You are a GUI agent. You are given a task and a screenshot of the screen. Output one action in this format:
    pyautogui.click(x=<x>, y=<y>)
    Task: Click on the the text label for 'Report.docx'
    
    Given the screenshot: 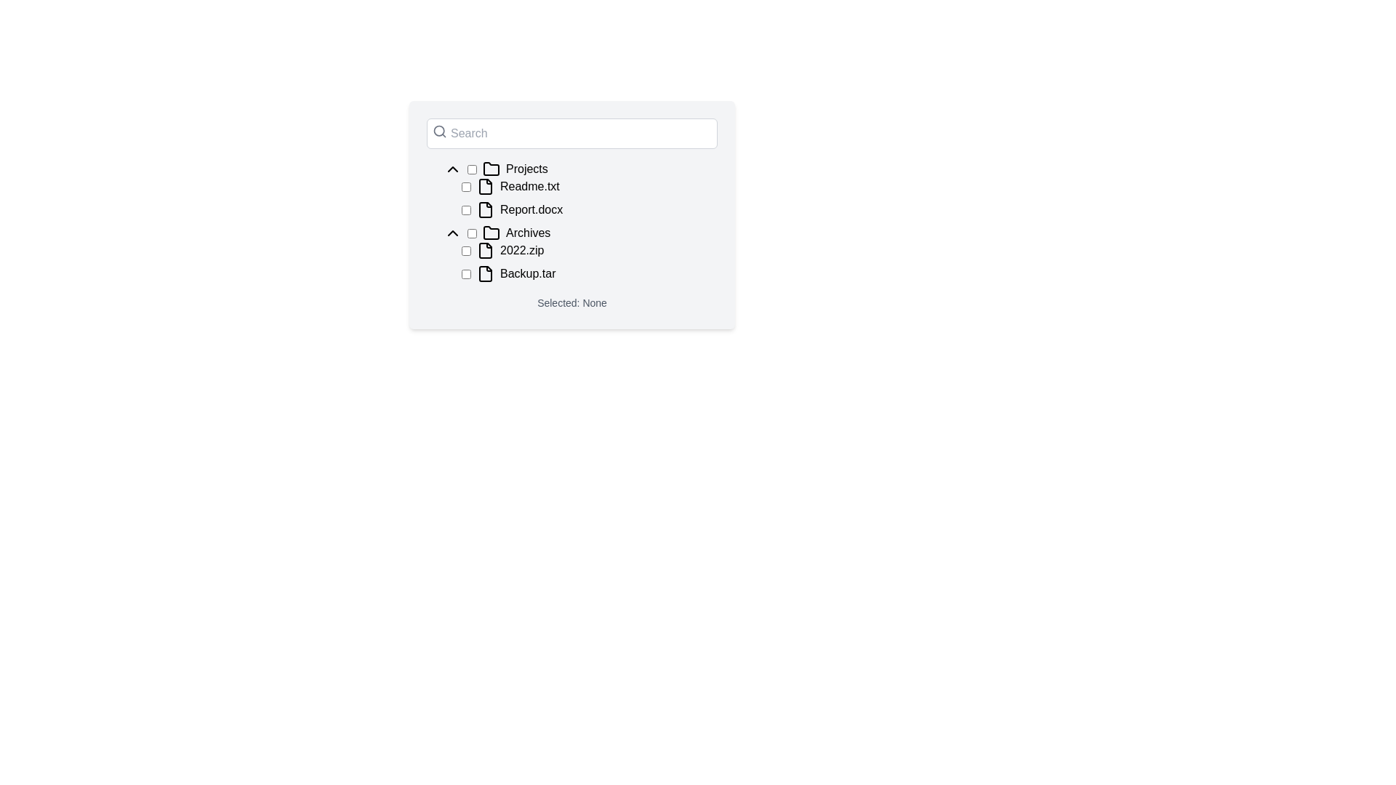 What is the action you would take?
    pyautogui.click(x=531, y=210)
    